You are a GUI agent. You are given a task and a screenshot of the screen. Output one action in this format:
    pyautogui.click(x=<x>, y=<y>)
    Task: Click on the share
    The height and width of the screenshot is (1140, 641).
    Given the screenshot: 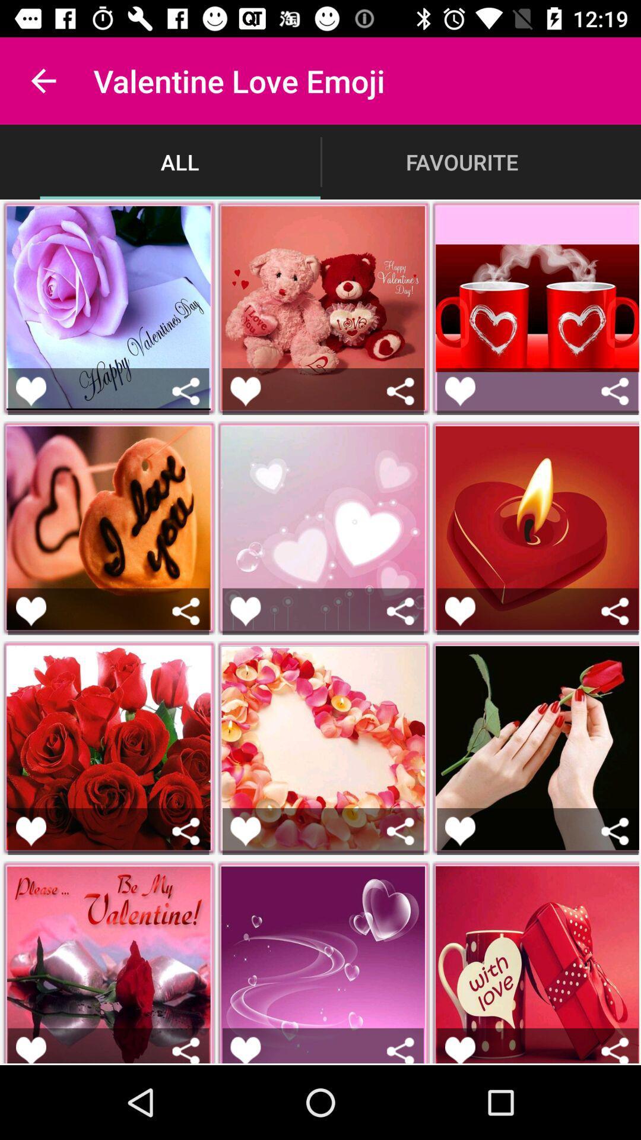 What is the action you would take?
    pyautogui.click(x=614, y=831)
    